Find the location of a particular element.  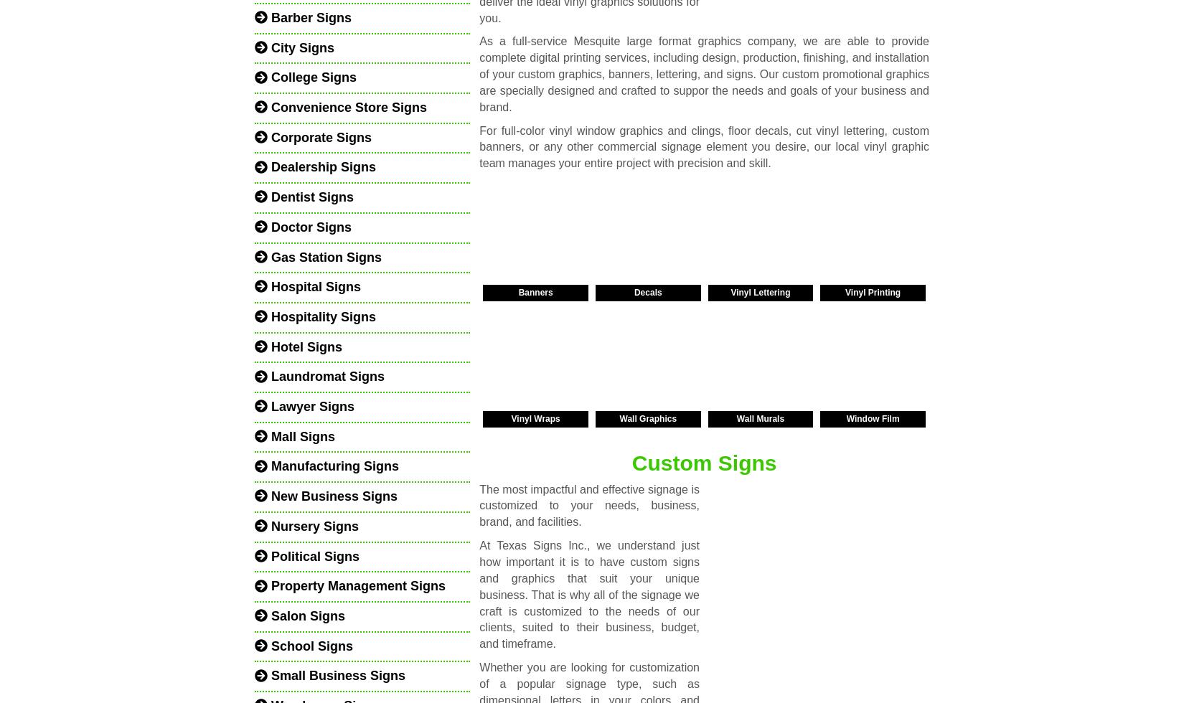

'Salon Signs' is located at coordinates (306, 615).